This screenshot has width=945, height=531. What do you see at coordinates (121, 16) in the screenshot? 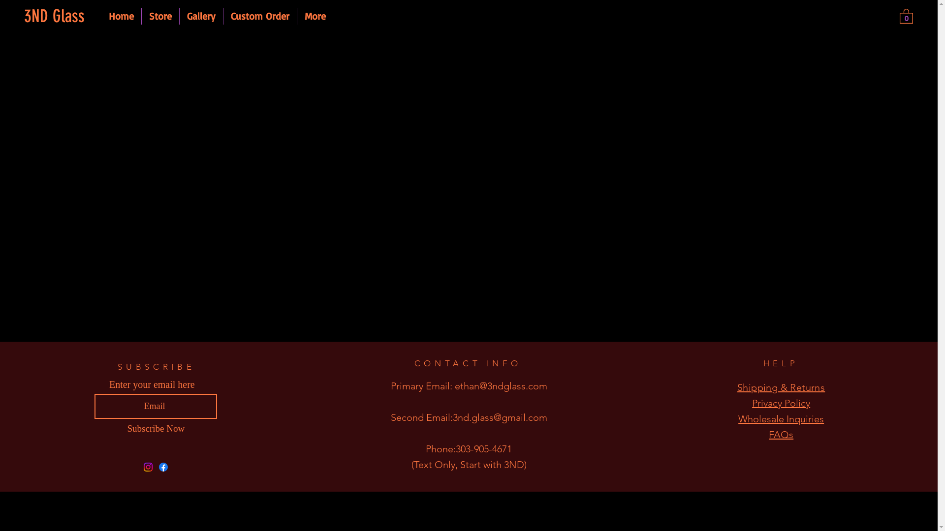
I see `'Home'` at bounding box center [121, 16].